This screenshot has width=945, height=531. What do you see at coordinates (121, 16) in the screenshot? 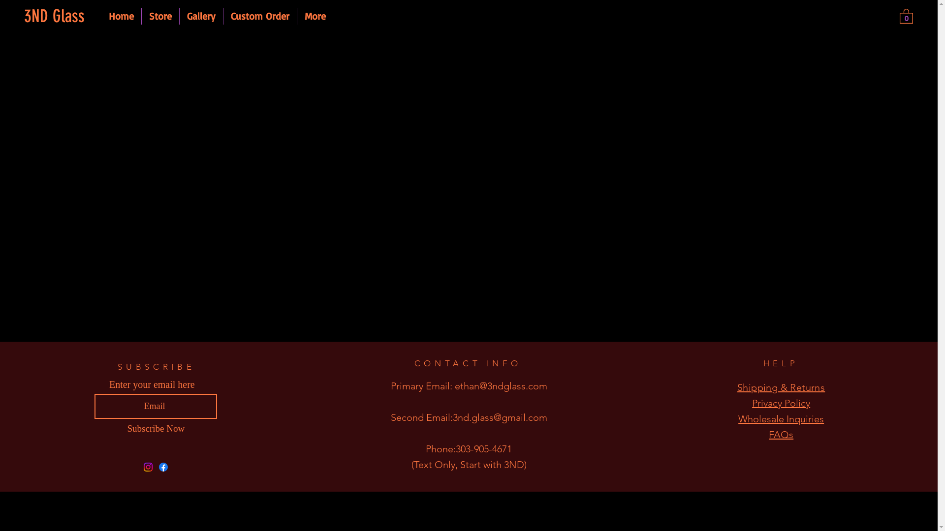
I see `'Home'` at bounding box center [121, 16].